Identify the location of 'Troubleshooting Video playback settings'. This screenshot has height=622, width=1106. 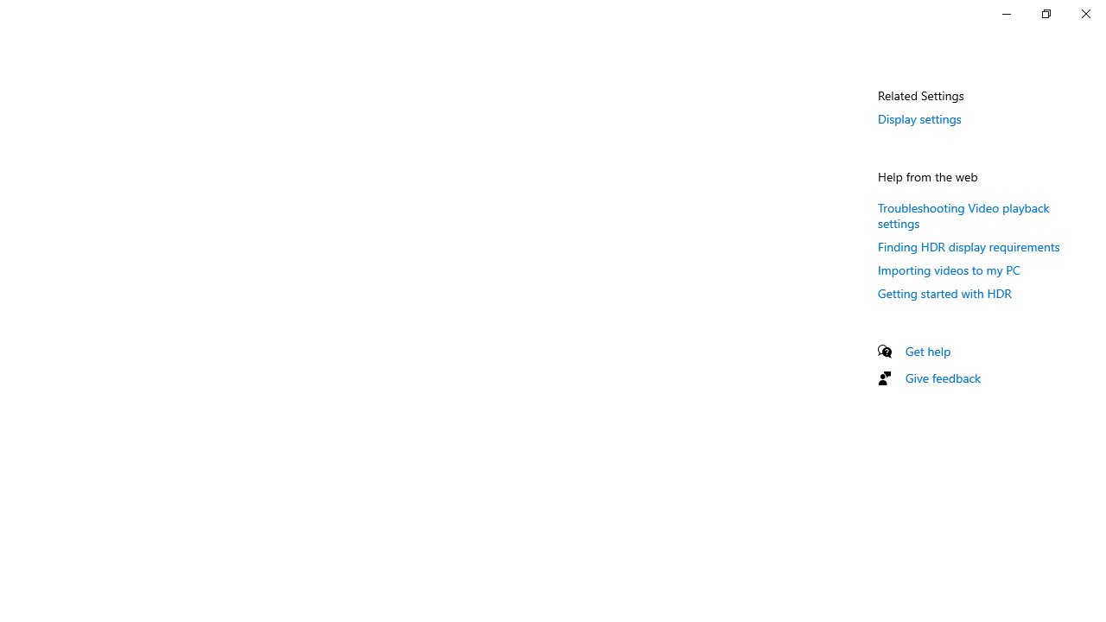
(963, 213).